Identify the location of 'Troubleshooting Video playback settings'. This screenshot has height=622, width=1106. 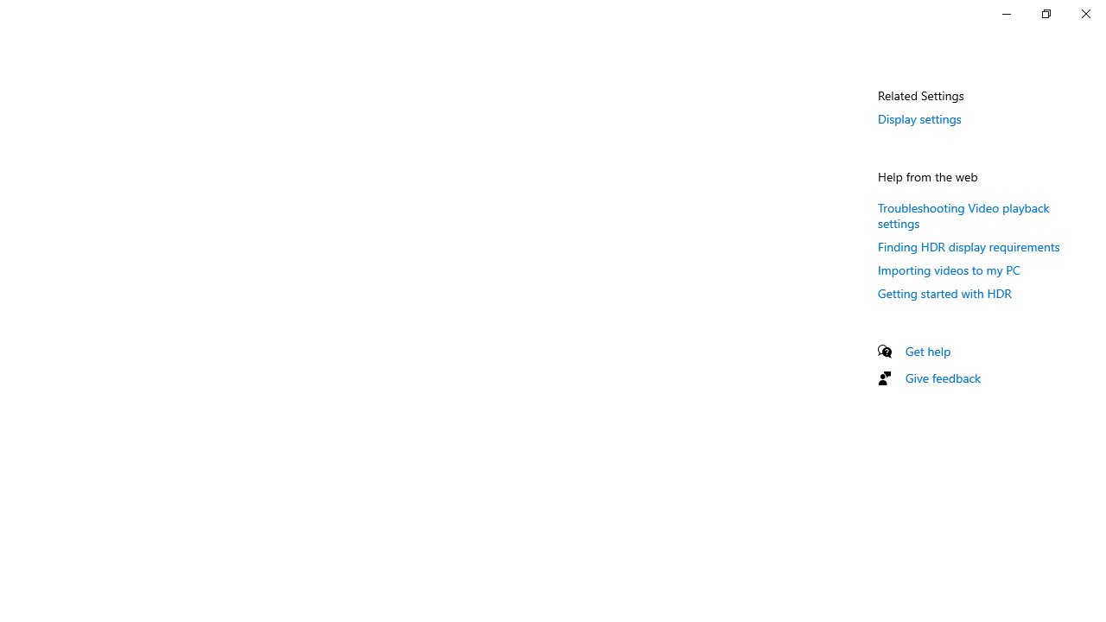
(963, 213).